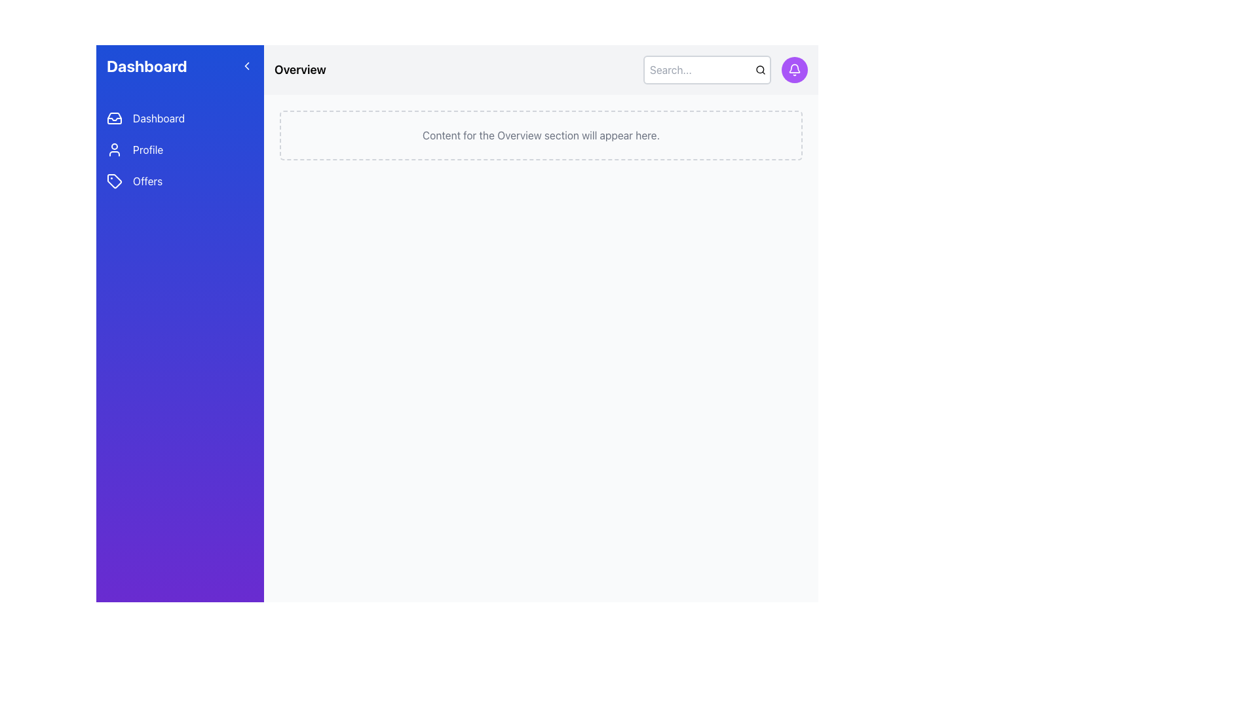 The image size is (1258, 707). I want to click on the informational Static Text in the 'Overview' section that indicates further content will be displayed when available, so click(541, 136).